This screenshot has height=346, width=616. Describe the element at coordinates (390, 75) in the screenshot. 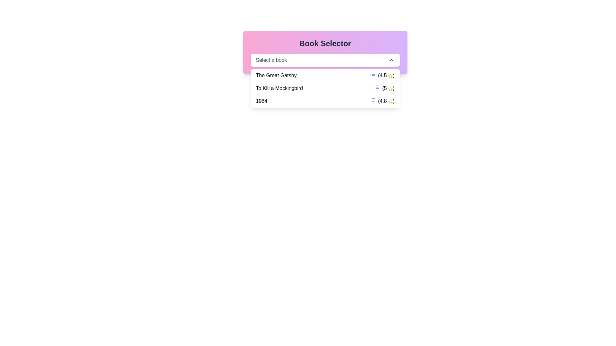

I see `the yellow star icon representing the rating for 'The Great Gatsby' with a numeric rating of '(4.5)', located to the right side of the book title` at that location.